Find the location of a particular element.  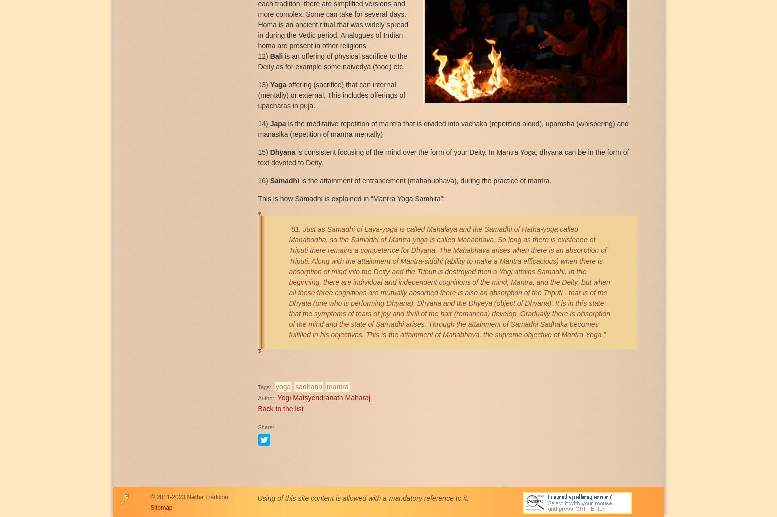

'Bali' is located at coordinates (269, 56).